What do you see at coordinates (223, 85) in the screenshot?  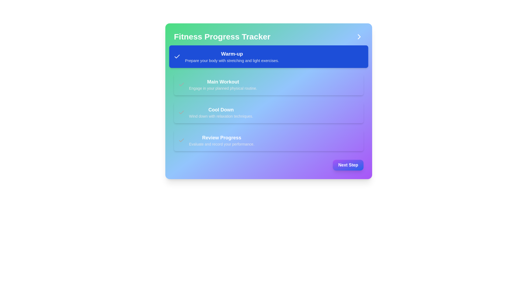 I see `the static text element labeled 'Main Workout' which provides instructions for engaging in a physical routine, located in the 'Fitness Progress Tracker' section` at bounding box center [223, 85].